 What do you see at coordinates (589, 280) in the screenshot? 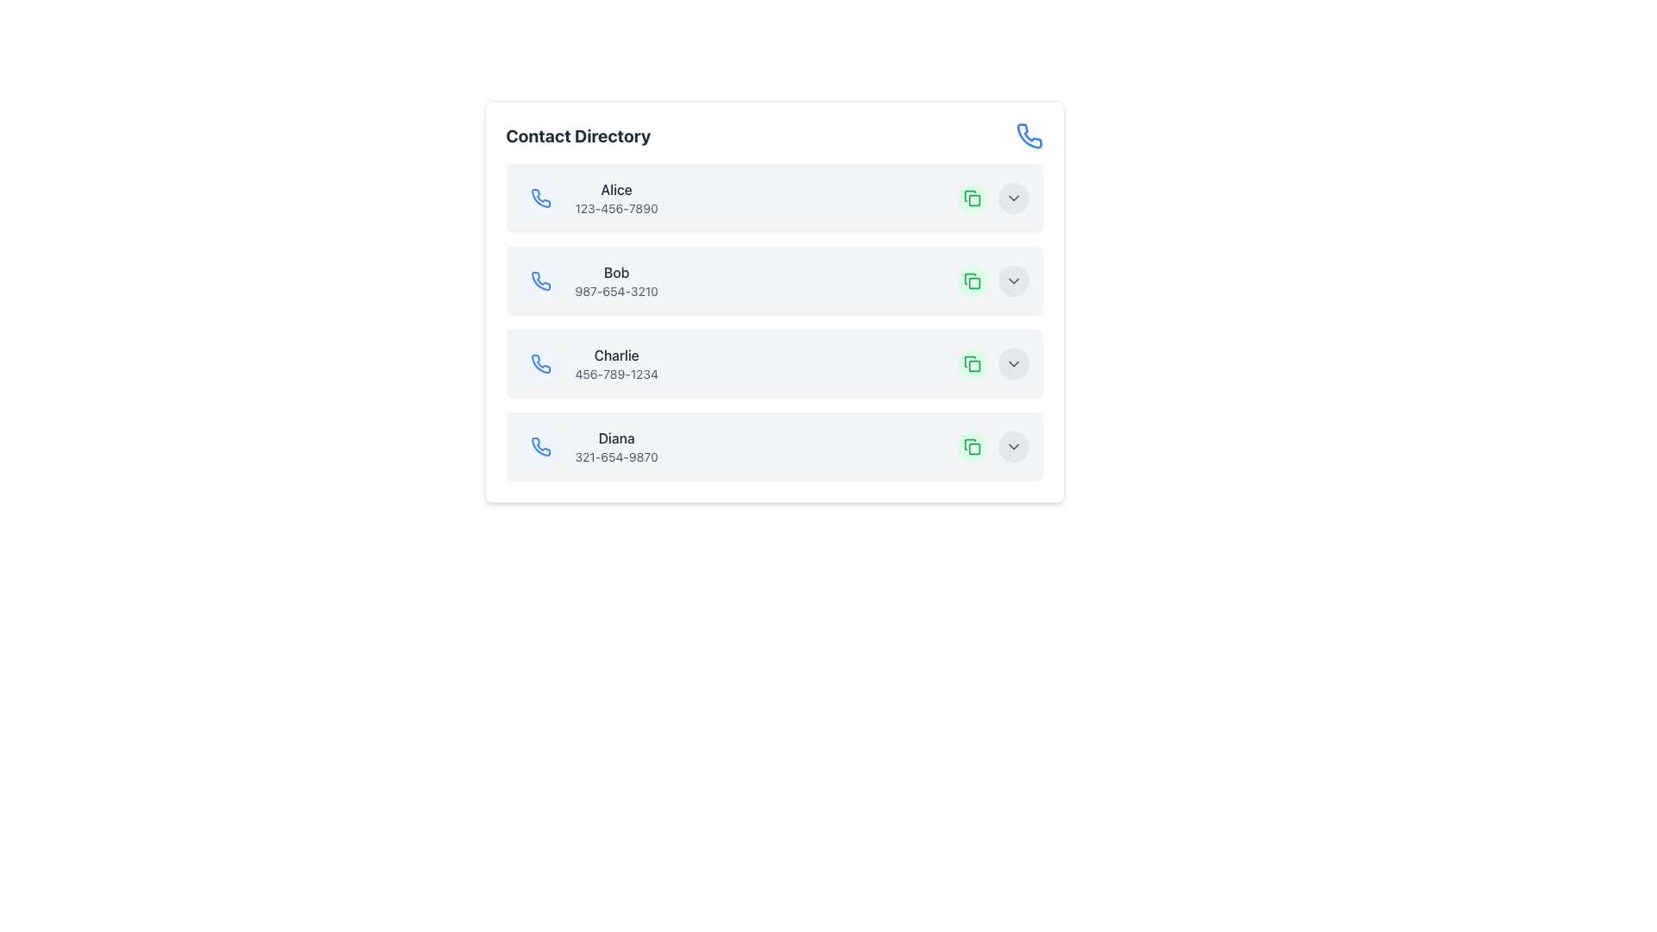
I see `contact information displayed in the text component showing 'Bob' and '987-654-3210' within the second contact card of the contact list` at bounding box center [589, 280].